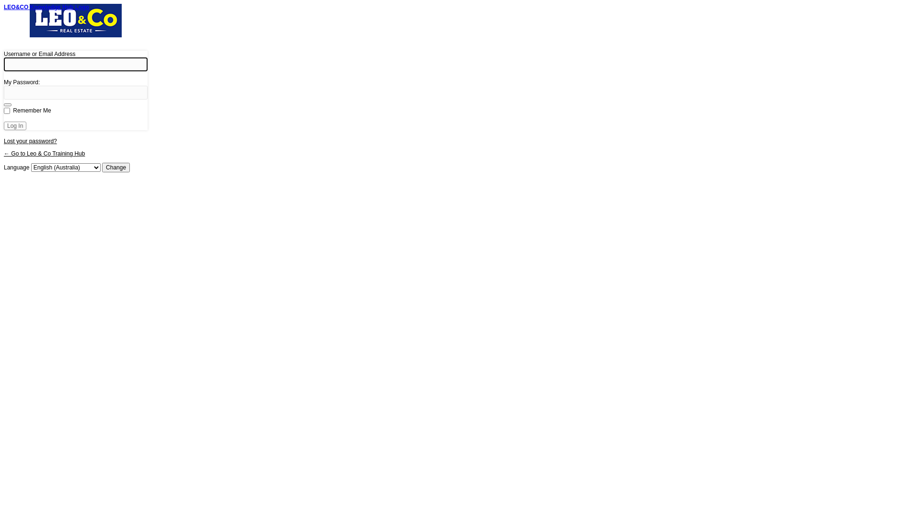  I want to click on 'Log In', so click(15, 125).